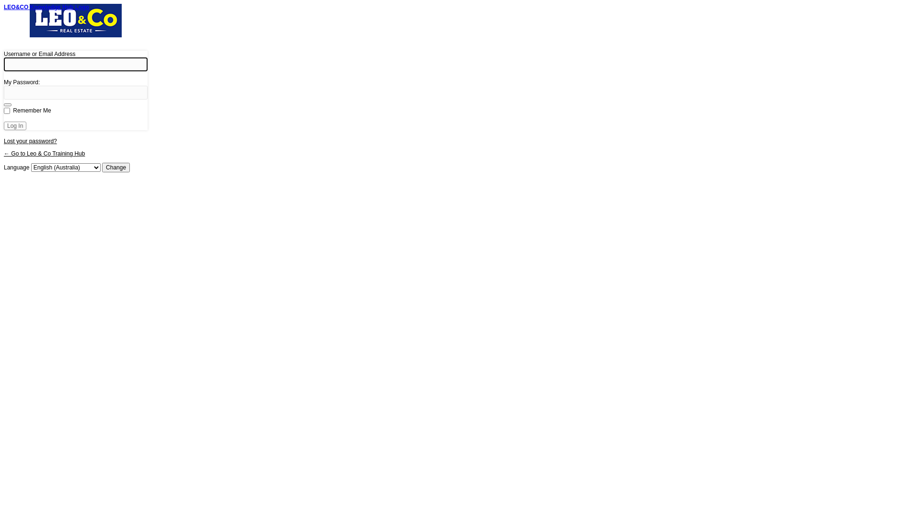  I want to click on 'Log In', so click(15, 125).